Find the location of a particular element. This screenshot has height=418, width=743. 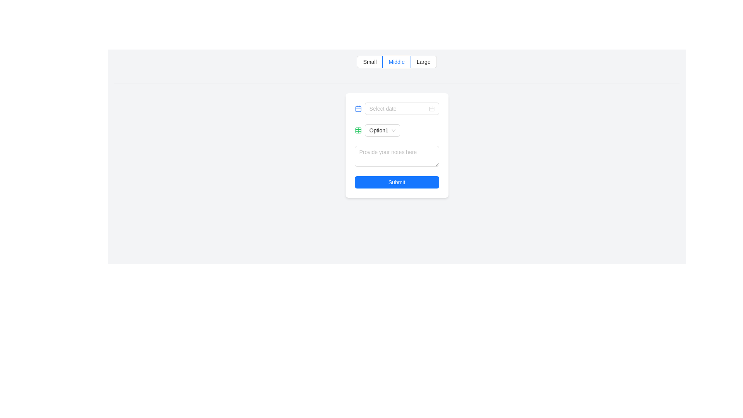

the 'Small' radio button is located at coordinates (369, 61).